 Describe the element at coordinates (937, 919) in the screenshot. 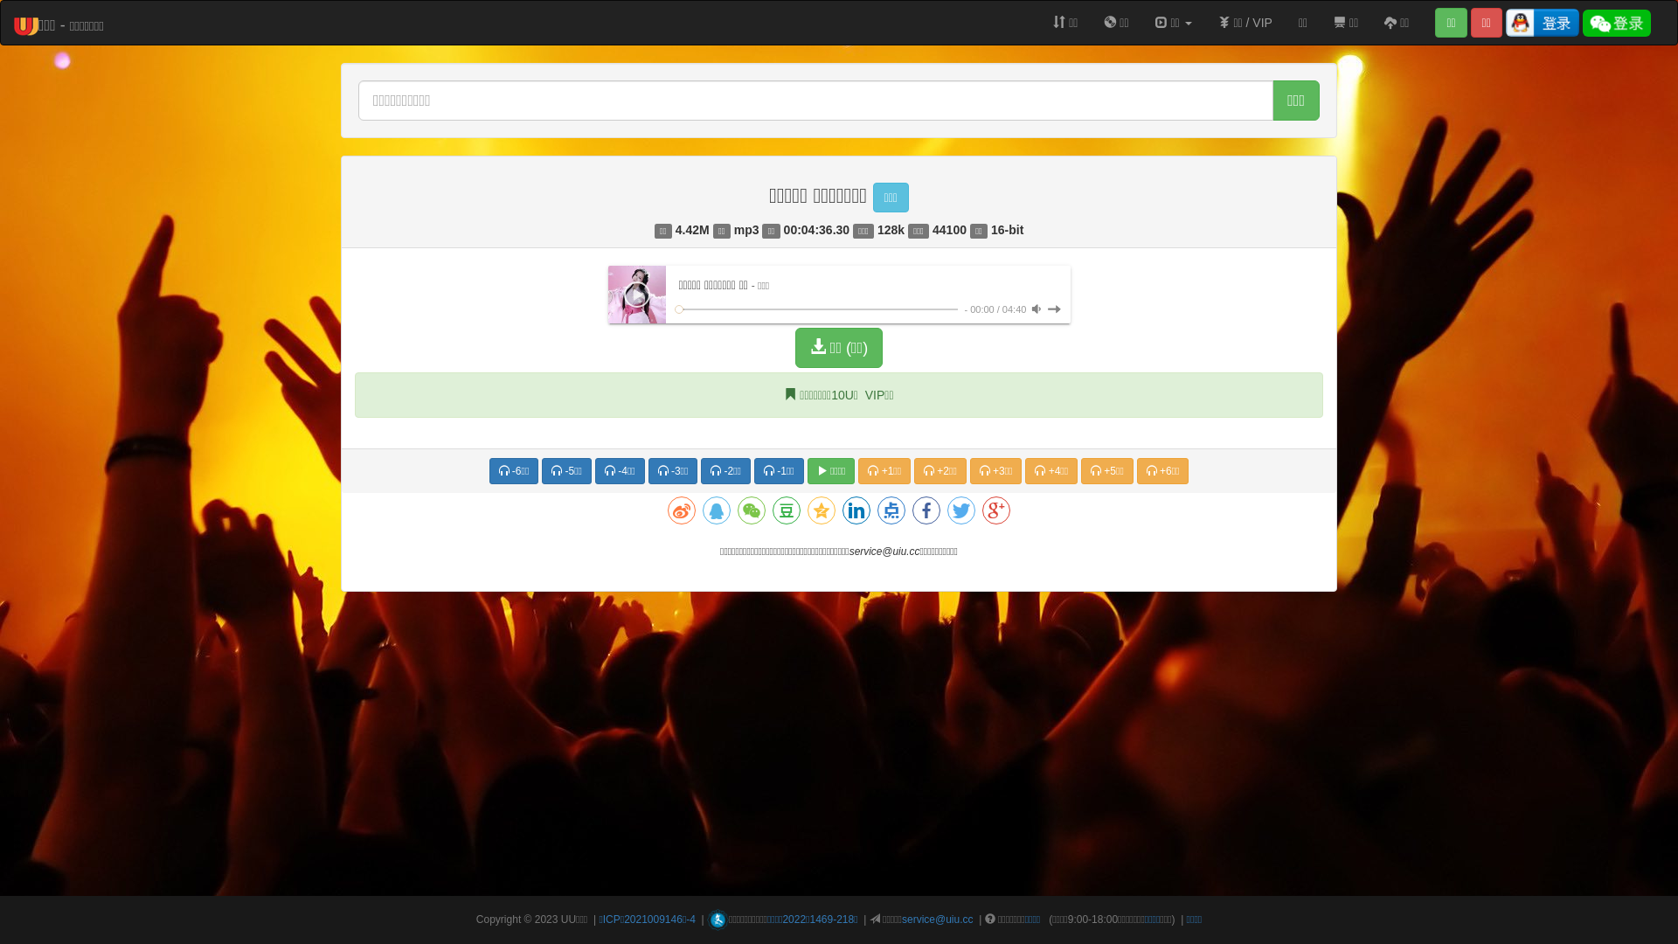

I see `'service@uiu.cc'` at that location.